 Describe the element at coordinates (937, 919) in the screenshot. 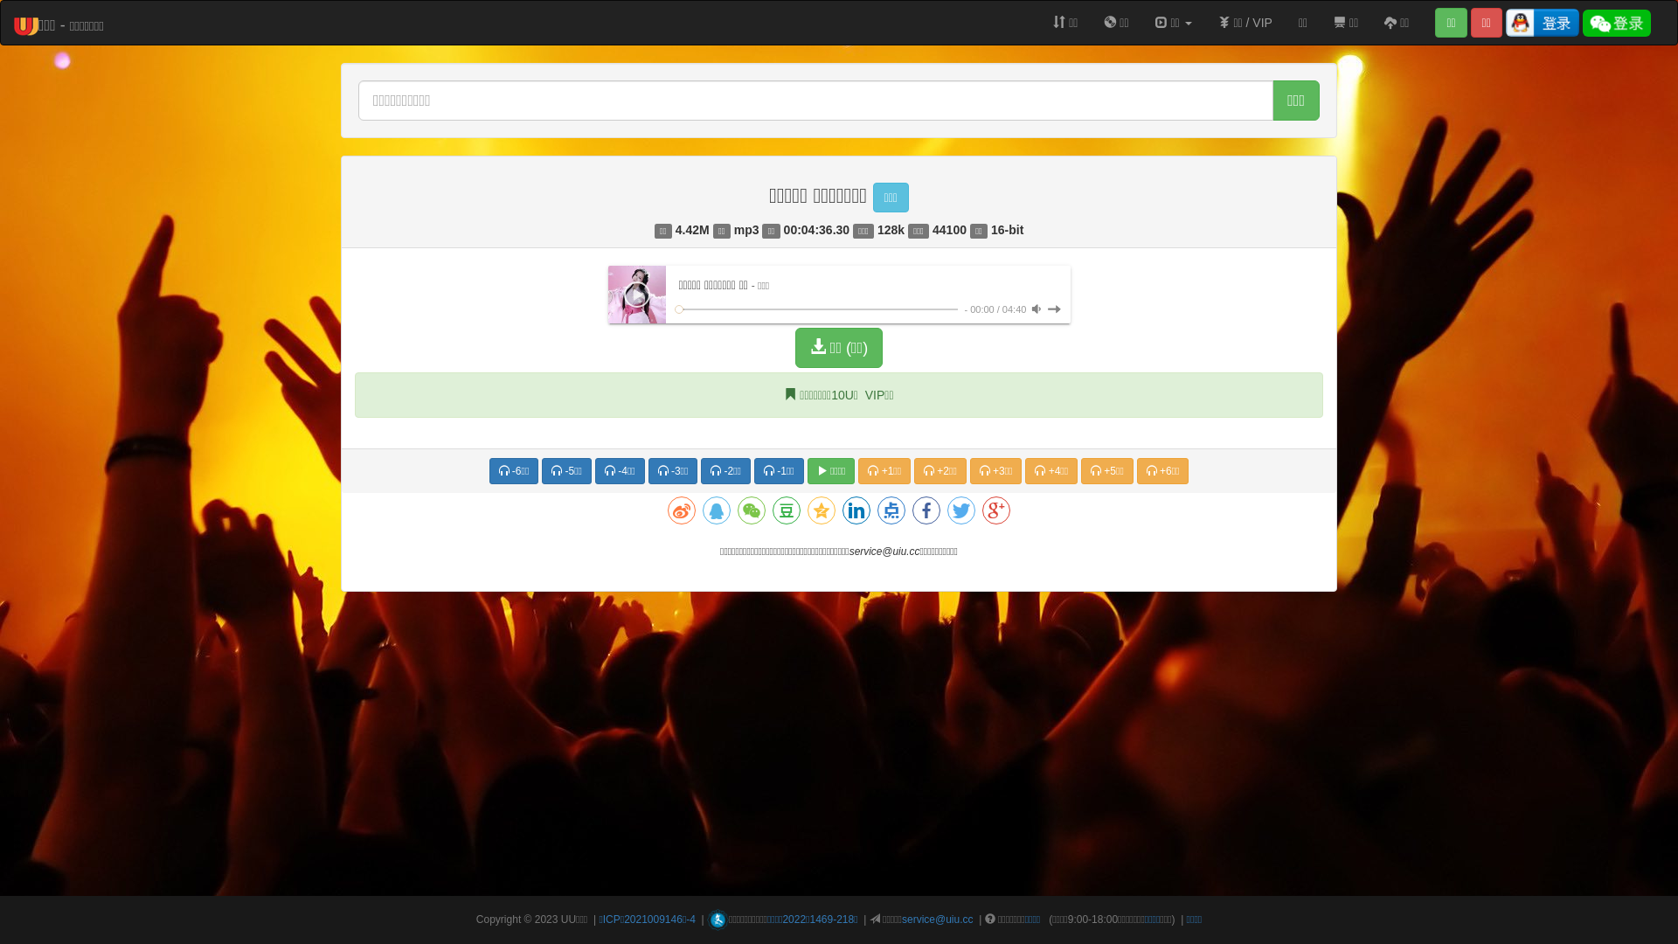

I see `'service@uiu.cc'` at that location.